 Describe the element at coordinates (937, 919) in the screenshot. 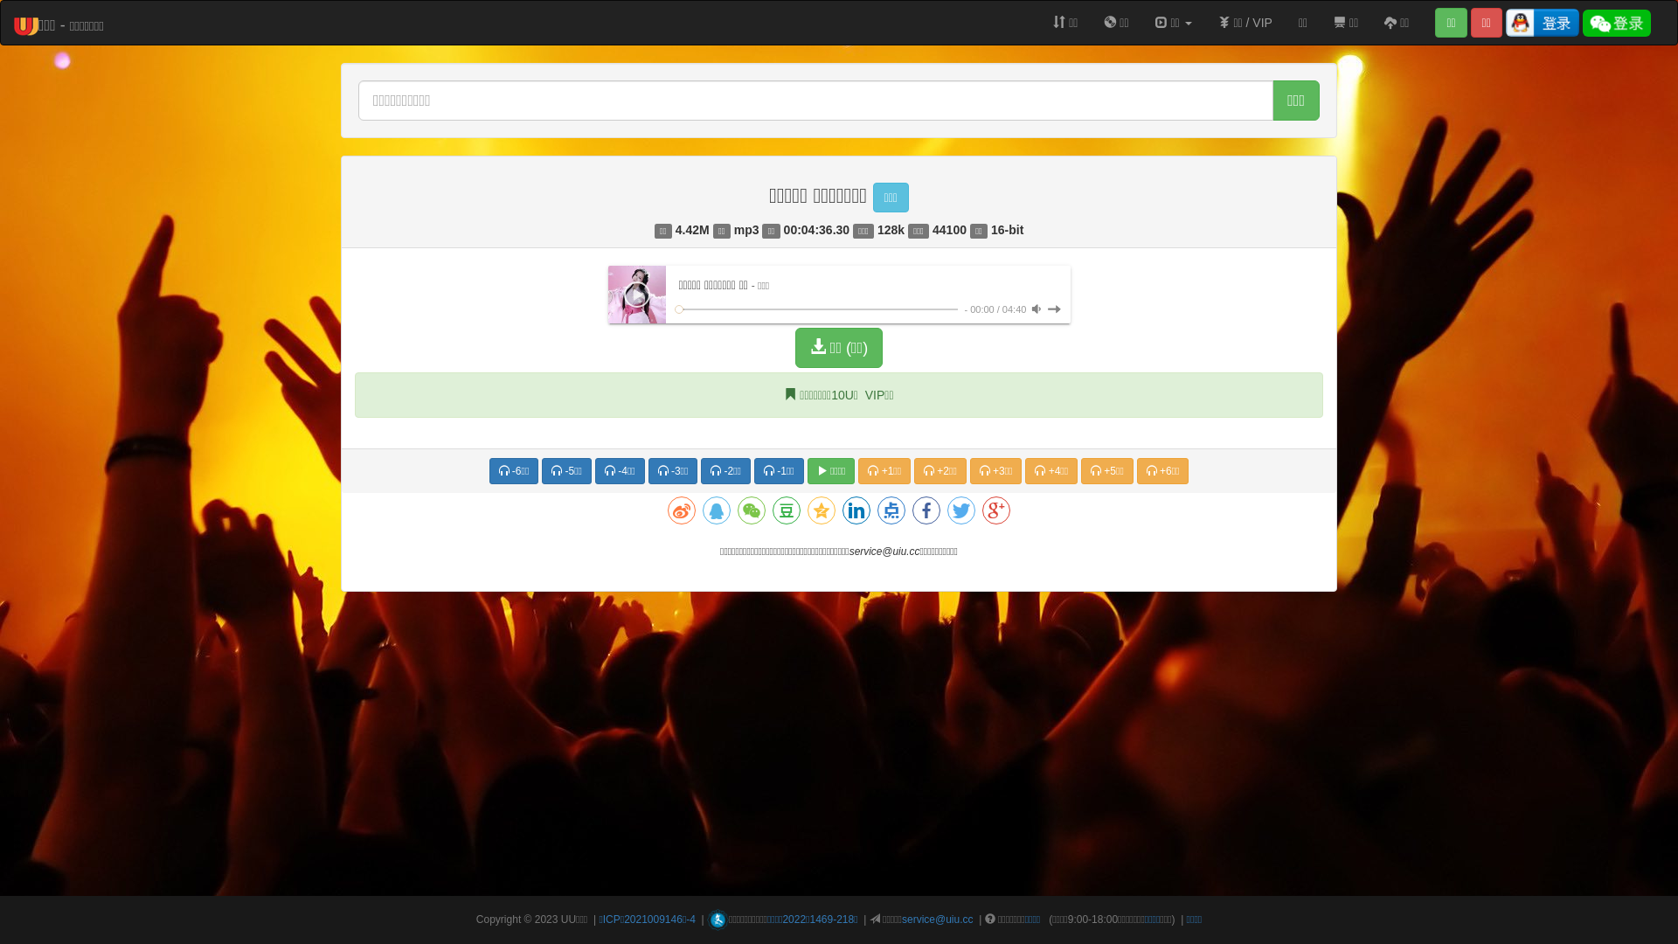

I see `'service@uiu.cc'` at that location.